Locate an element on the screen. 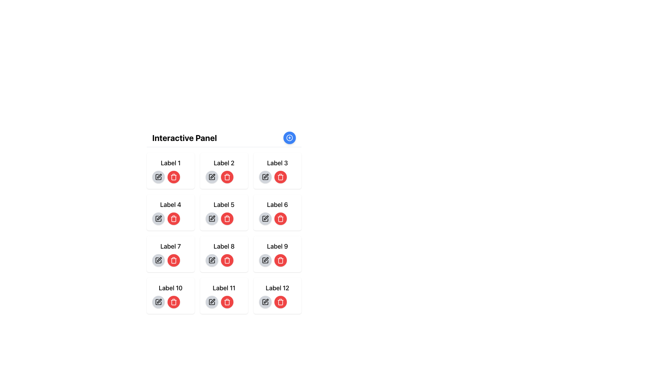 The image size is (666, 375). the delete button located on the bottom row under 'Label 11' is located at coordinates (224, 302).